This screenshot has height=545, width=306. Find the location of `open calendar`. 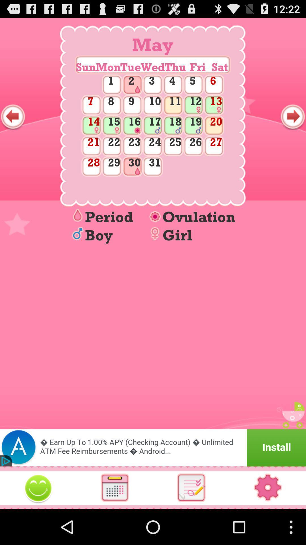

open calendar is located at coordinates (115, 487).